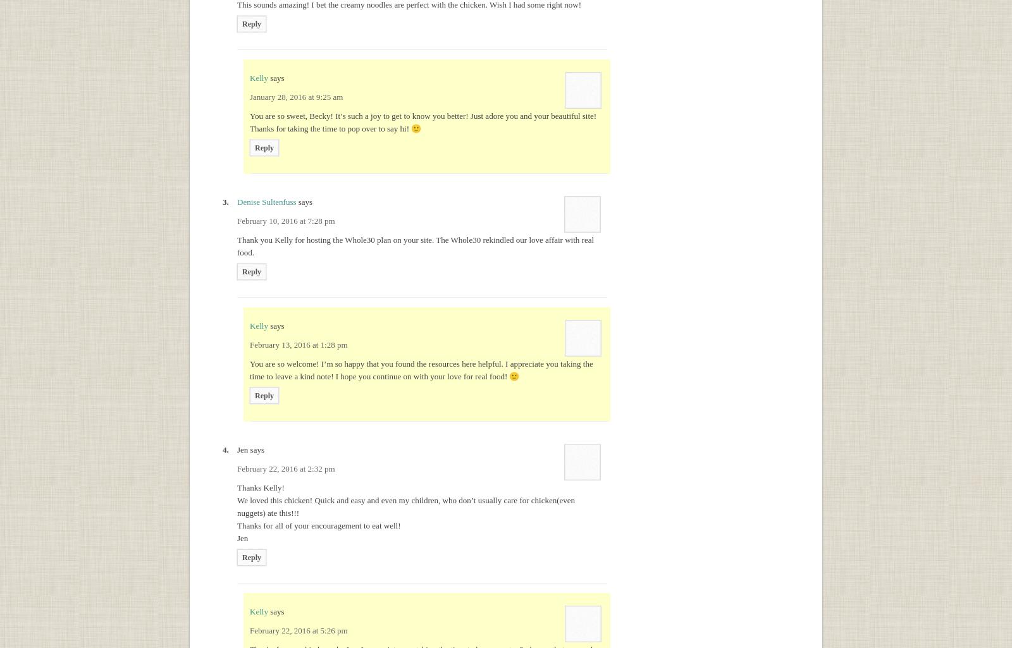 The width and height of the screenshot is (1012, 648). I want to click on 'Thank you Kelly for hosting the Whole30 plan on your site.  The Whole30 rekindled our love affair with real food.', so click(415, 246).